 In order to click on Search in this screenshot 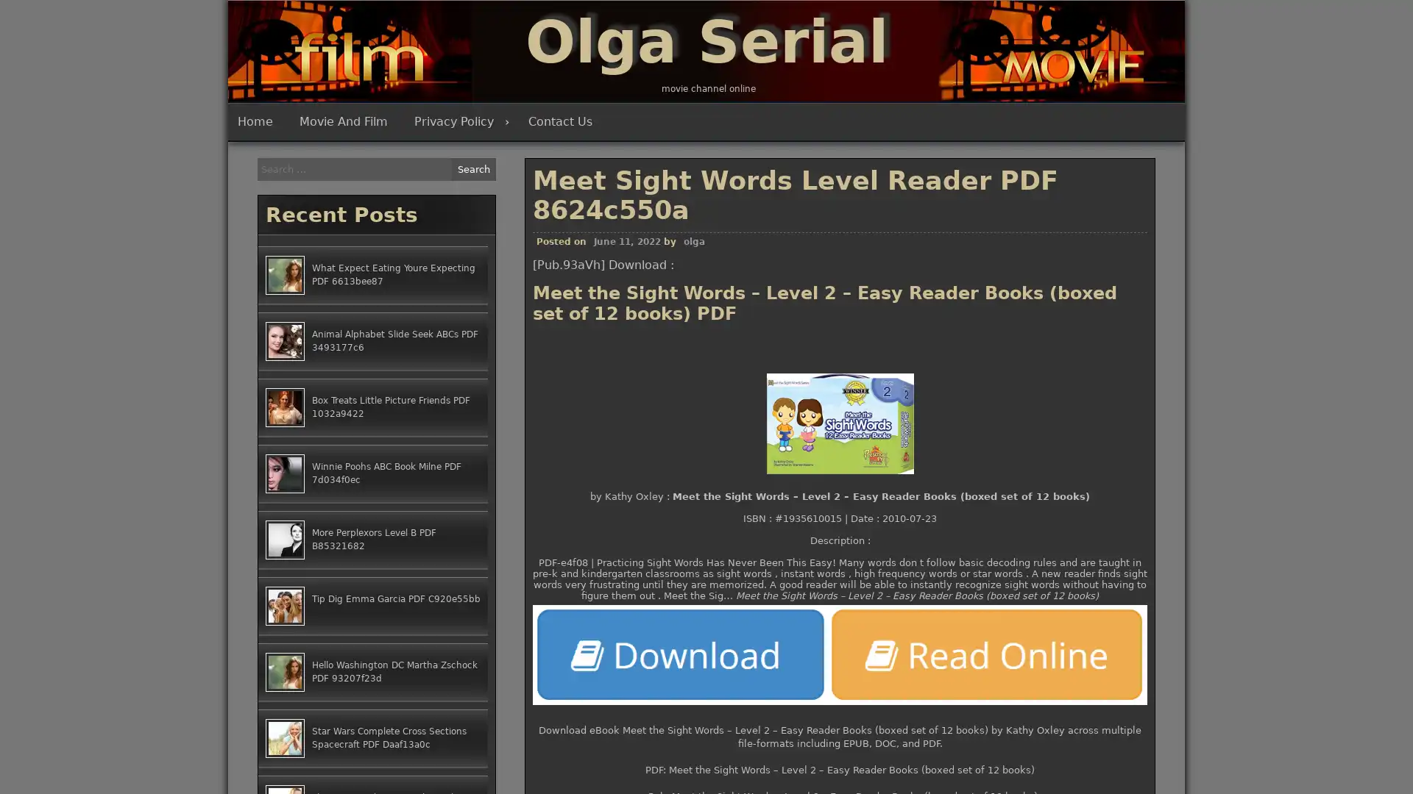, I will do `click(473, 168)`.